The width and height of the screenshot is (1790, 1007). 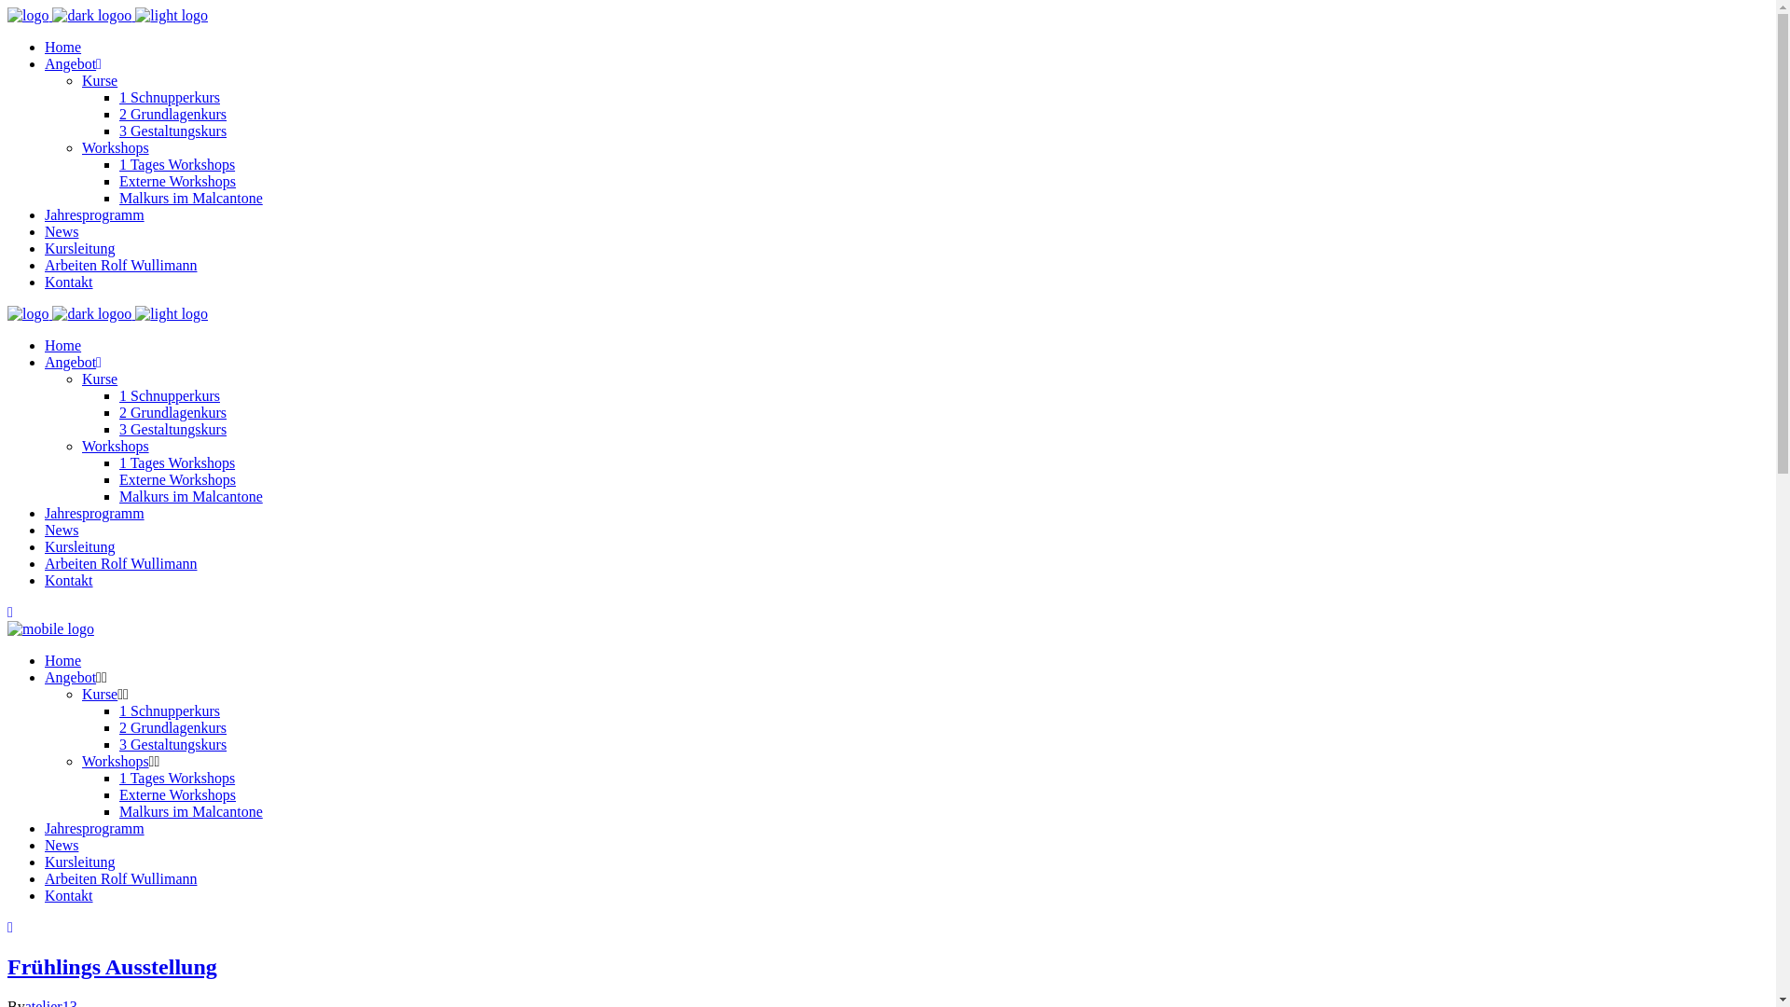 I want to click on 'Angebot', so click(x=73, y=362).